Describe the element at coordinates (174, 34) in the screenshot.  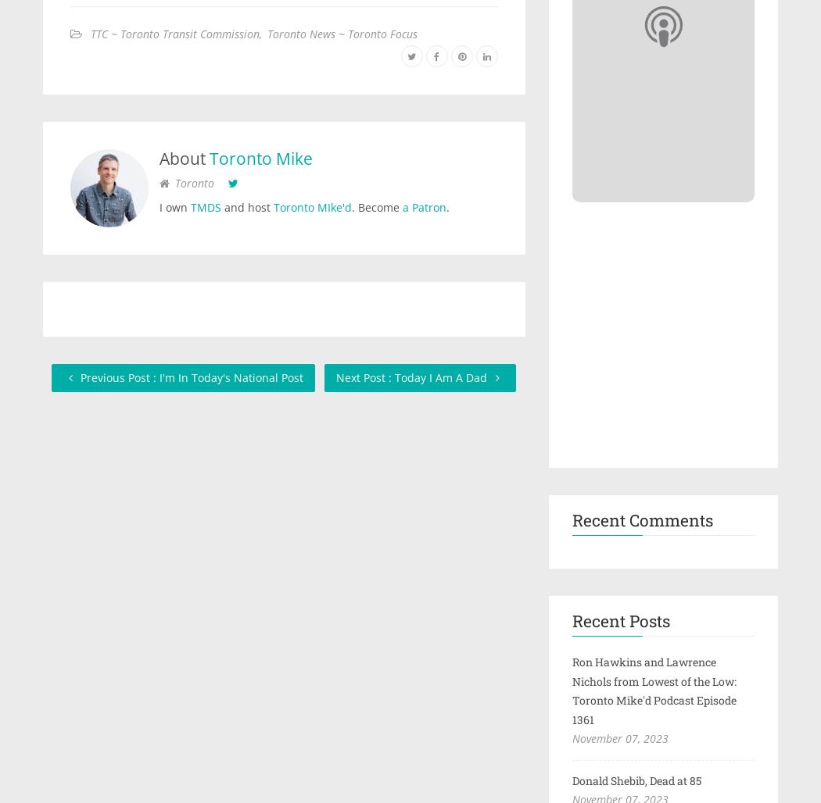
I see `'TTC ~ Toronto Transit Commission'` at that location.